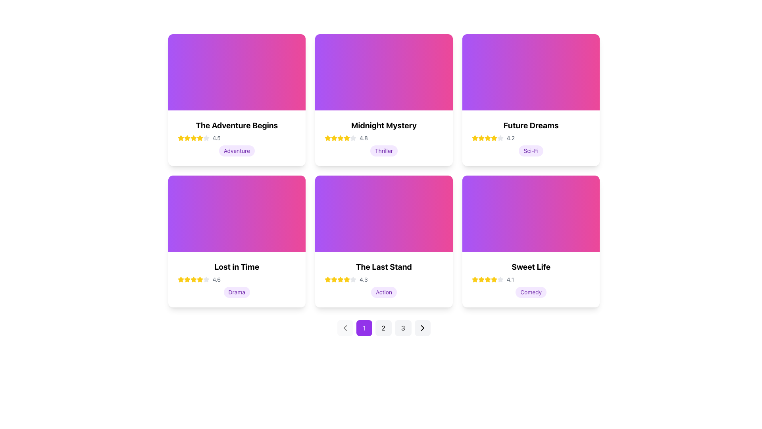 This screenshot has width=762, height=429. Describe the element at coordinates (531, 99) in the screenshot. I see `the Informational card displaying 'Future Dreams' in the top right corner of the grid layout` at that location.